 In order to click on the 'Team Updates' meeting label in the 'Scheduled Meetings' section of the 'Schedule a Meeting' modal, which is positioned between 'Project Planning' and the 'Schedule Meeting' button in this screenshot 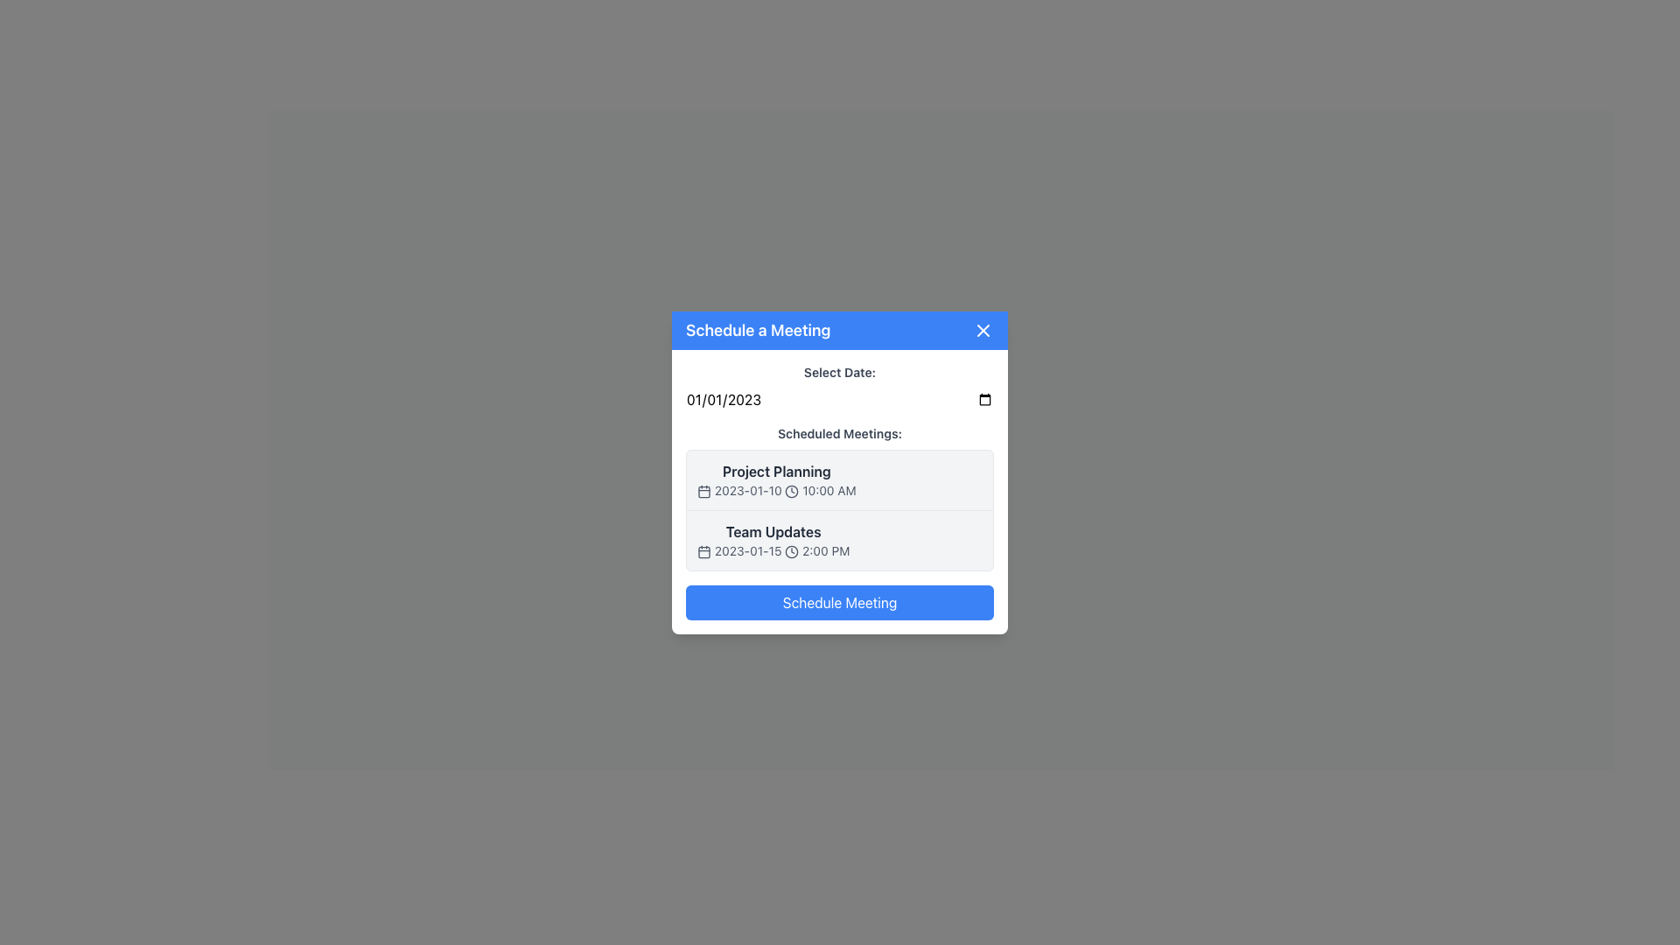, I will do `click(773, 539)`.